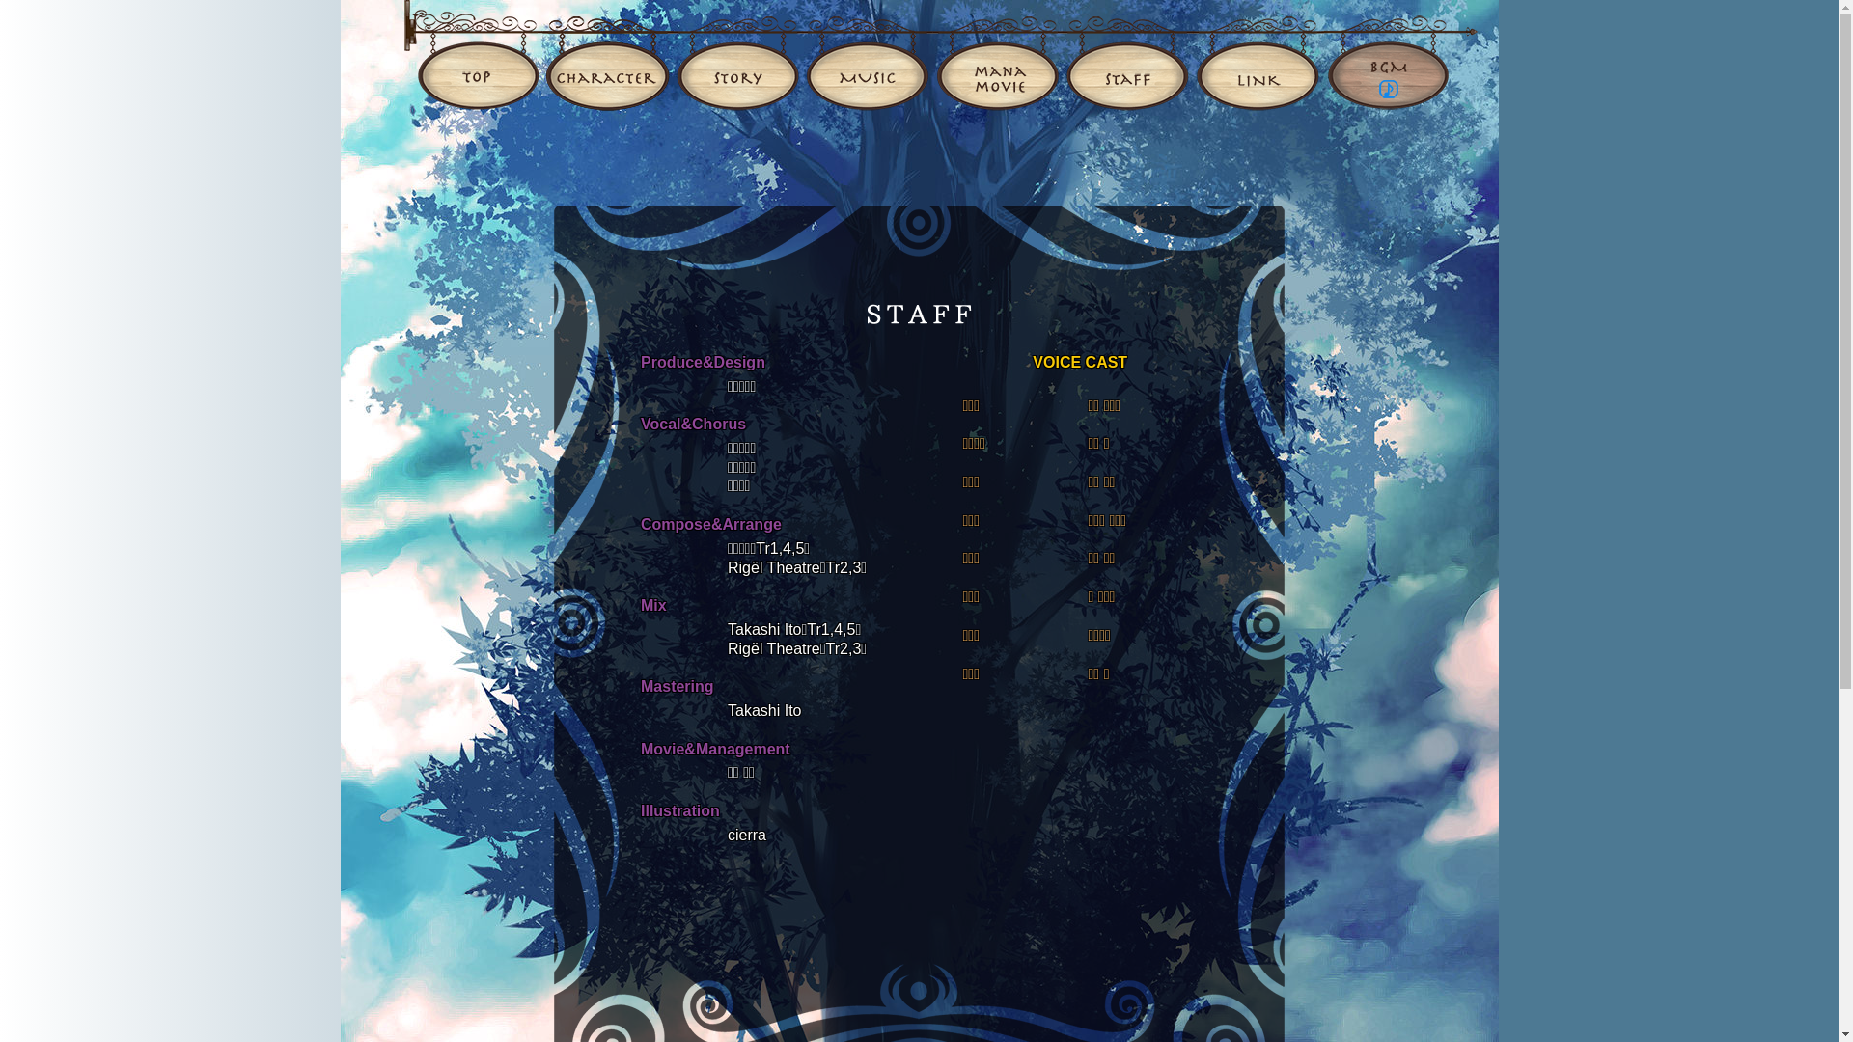  Describe the element at coordinates (735, 54) in the screenshot. I see `'STORY'` at that location.